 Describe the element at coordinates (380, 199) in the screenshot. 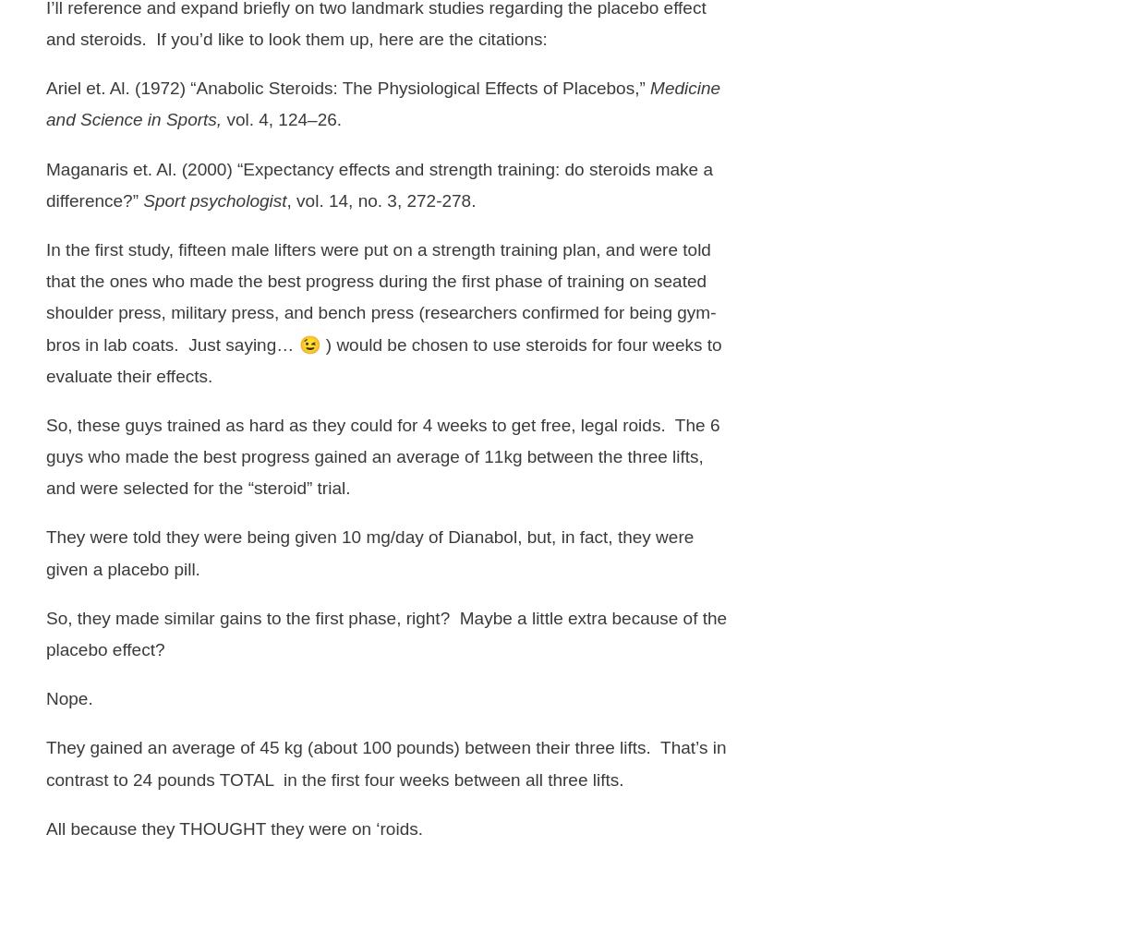

I see `', vol. 14, no. 3, 272-278.'` at that location.